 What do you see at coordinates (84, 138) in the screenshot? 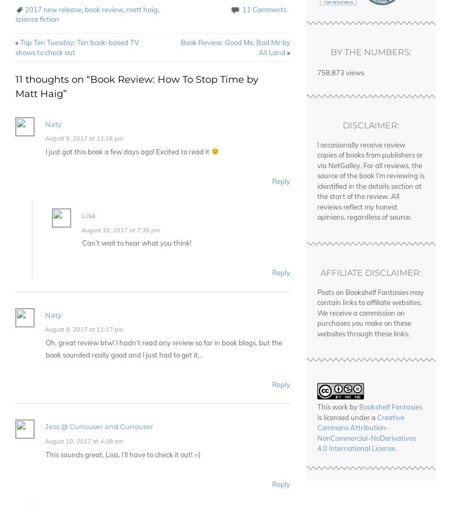
I see `'August 9, 2017 at 11:16 pm'` at bounding box center [84, 138].